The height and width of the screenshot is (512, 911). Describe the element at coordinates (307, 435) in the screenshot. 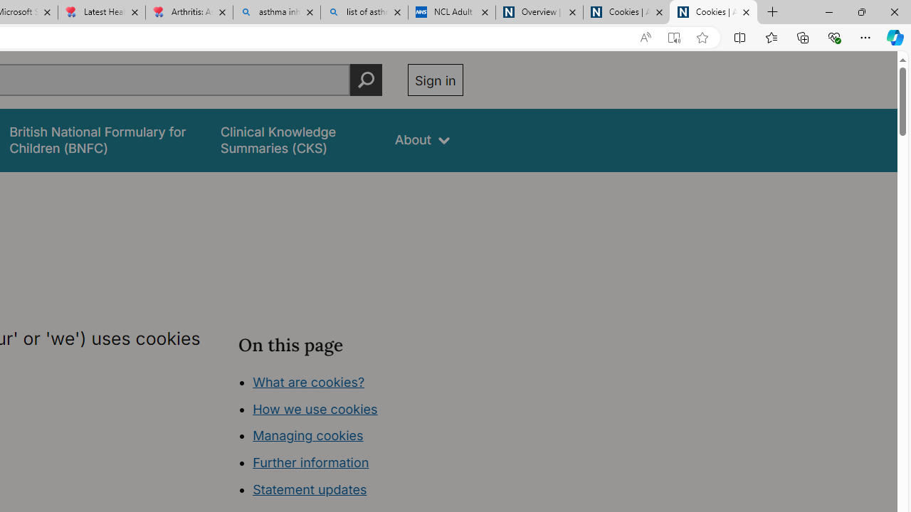

I see `'Managing cookies'` at that location.